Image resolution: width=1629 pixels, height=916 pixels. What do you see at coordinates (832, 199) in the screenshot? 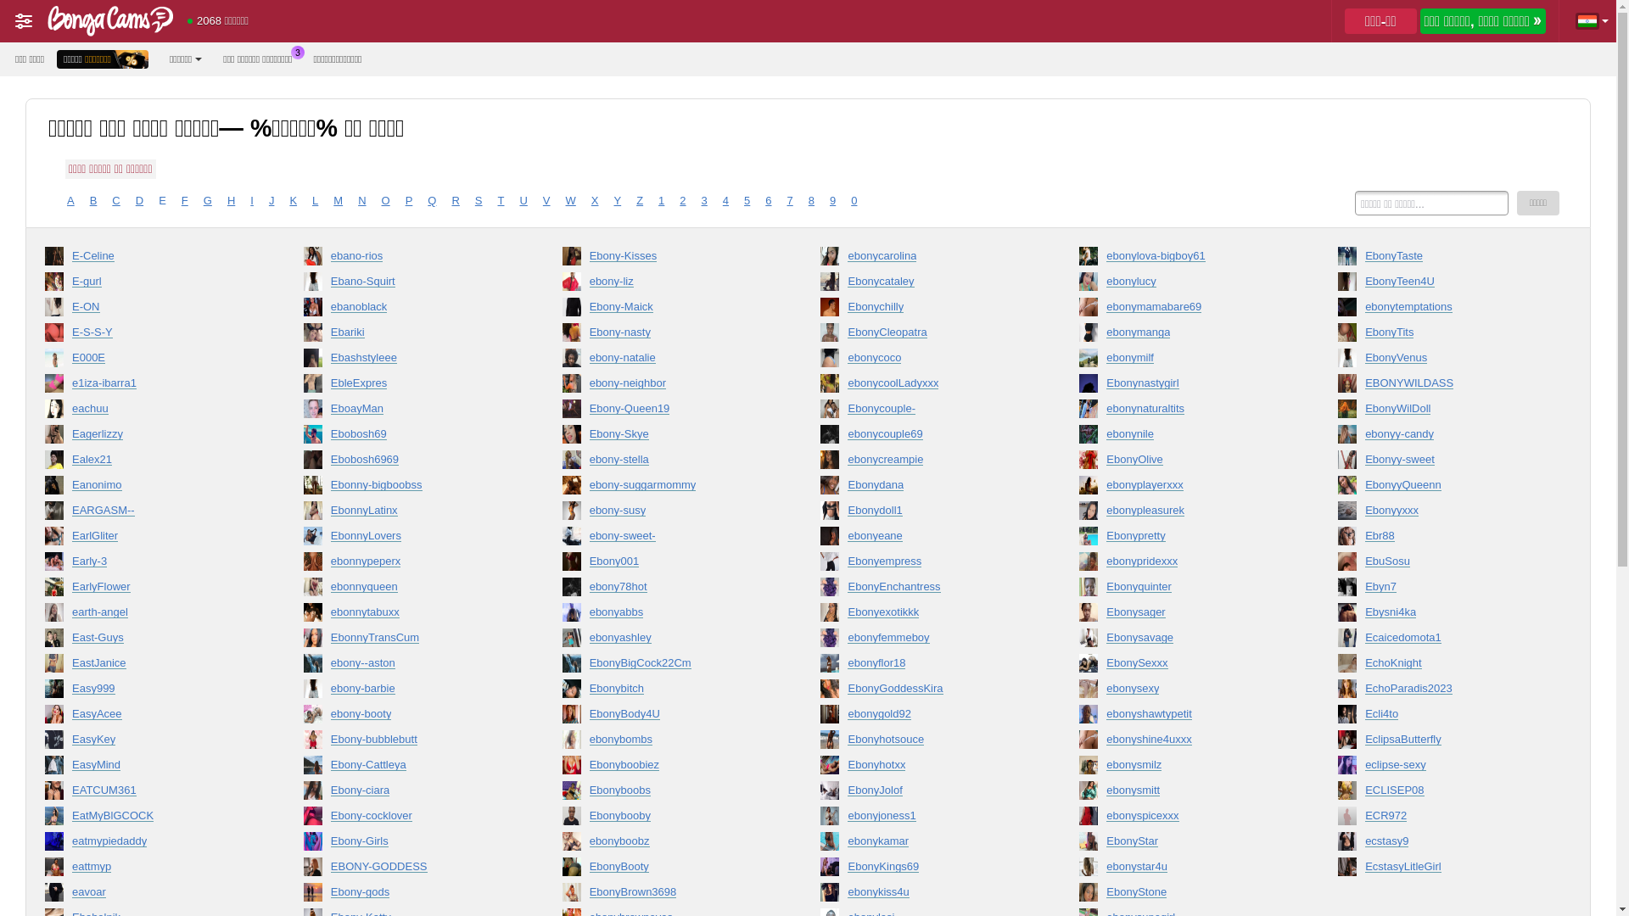
I see `'9'` at bounding box center [832, 199].